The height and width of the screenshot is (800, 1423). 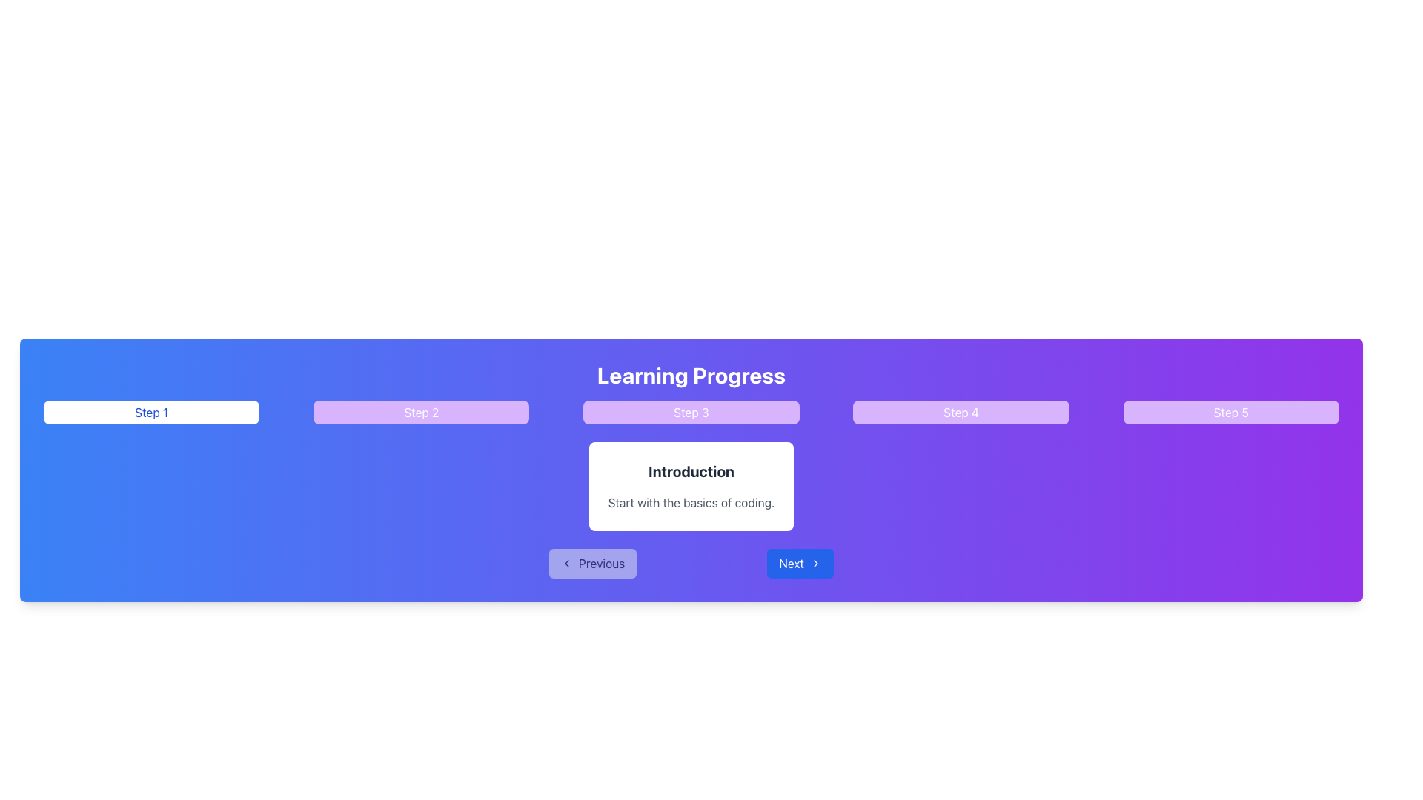 What do you see at coordinates (602, 563) in the screenshot?
I see `text 'Previous' within the button located in the lower-left section of the interface, adjacent to the 'Next' button` at bounding box center [602, 563].